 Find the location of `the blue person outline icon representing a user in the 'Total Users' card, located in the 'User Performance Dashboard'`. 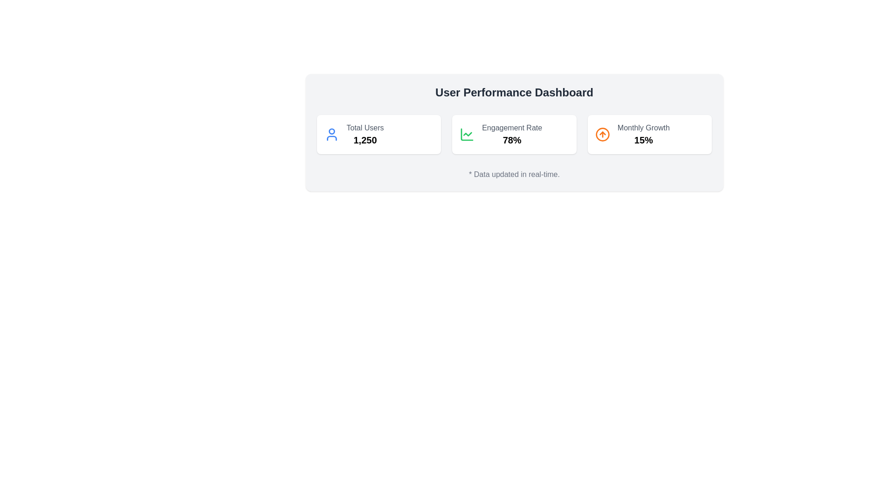

the blue person outline icon representing a user in the 'Total Users' card, located in the 'User Performance Dashboard' is located at coordinates (331, 135).